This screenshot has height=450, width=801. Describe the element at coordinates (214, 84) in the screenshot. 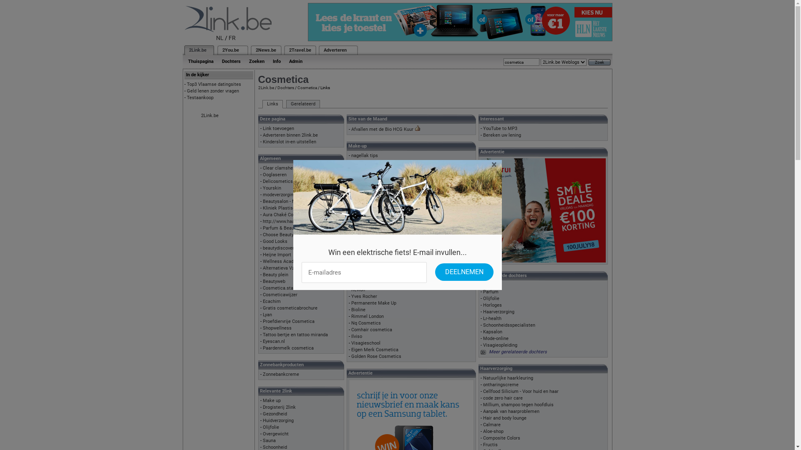

I see `'Top3 Vlaamse datingsites'` at that location.